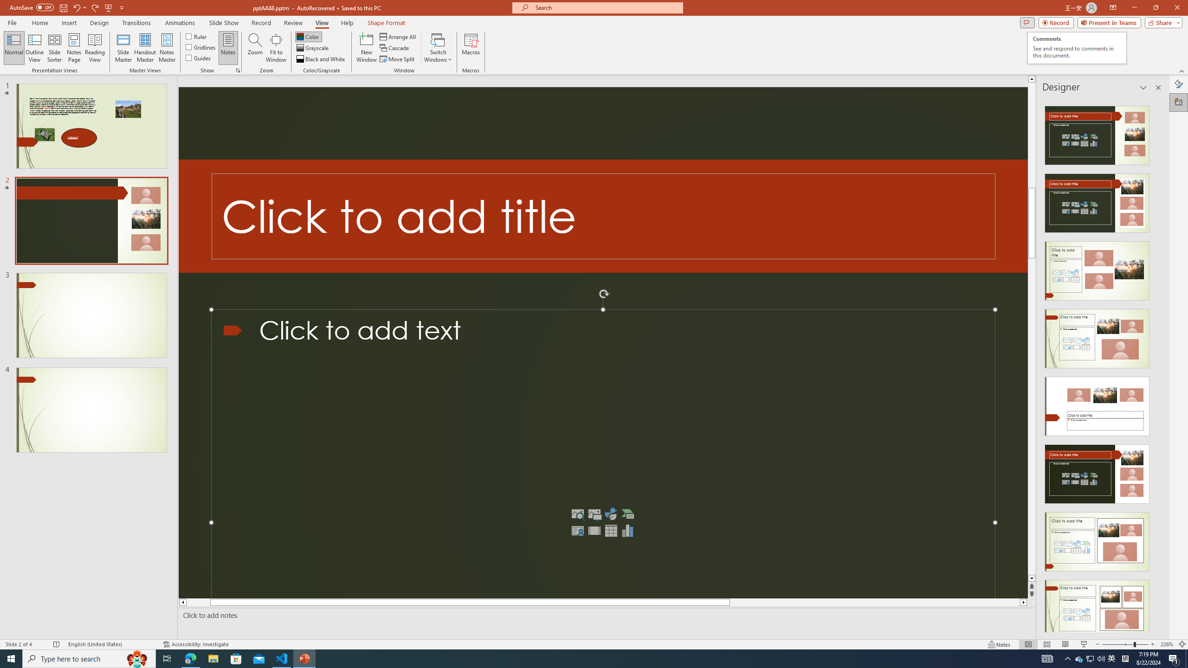 This screenshot has width=1188, height=668. What do you see at coordinates (397, 59) in the screenshot?
I see `'Move Split'` at bounding box center [397, 59].